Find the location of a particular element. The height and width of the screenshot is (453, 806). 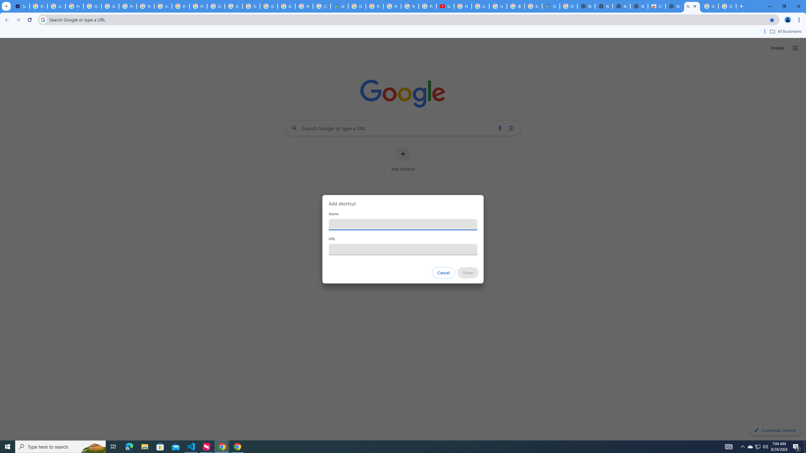

'Settings - Performance' is located at coordinates (20, 6).